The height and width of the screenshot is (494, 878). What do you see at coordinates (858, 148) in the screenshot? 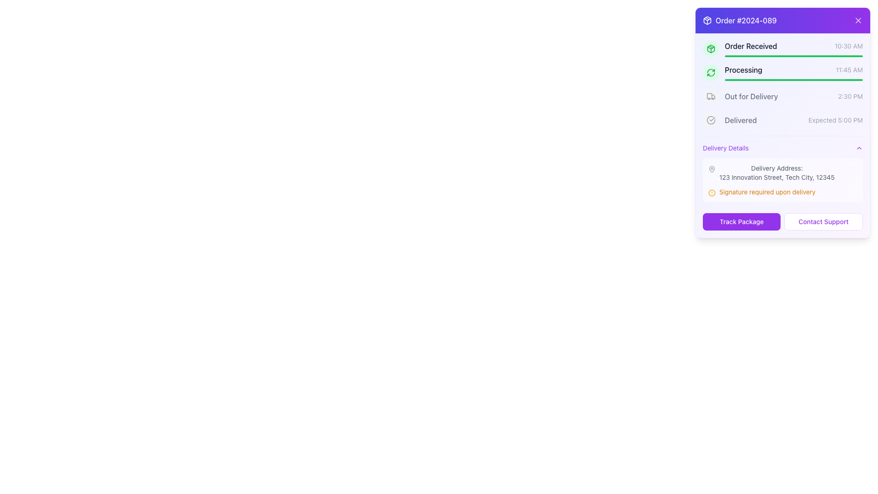
I see `the downward-pointing chevron icon located at the far-right end of the 'Delivery Details' section header` at bounding box center [858, 148].